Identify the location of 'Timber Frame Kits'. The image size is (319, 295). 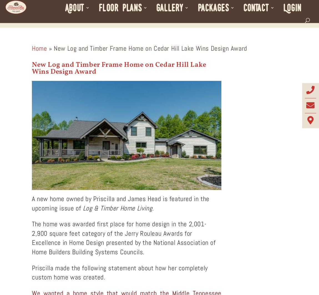
(226, 35).